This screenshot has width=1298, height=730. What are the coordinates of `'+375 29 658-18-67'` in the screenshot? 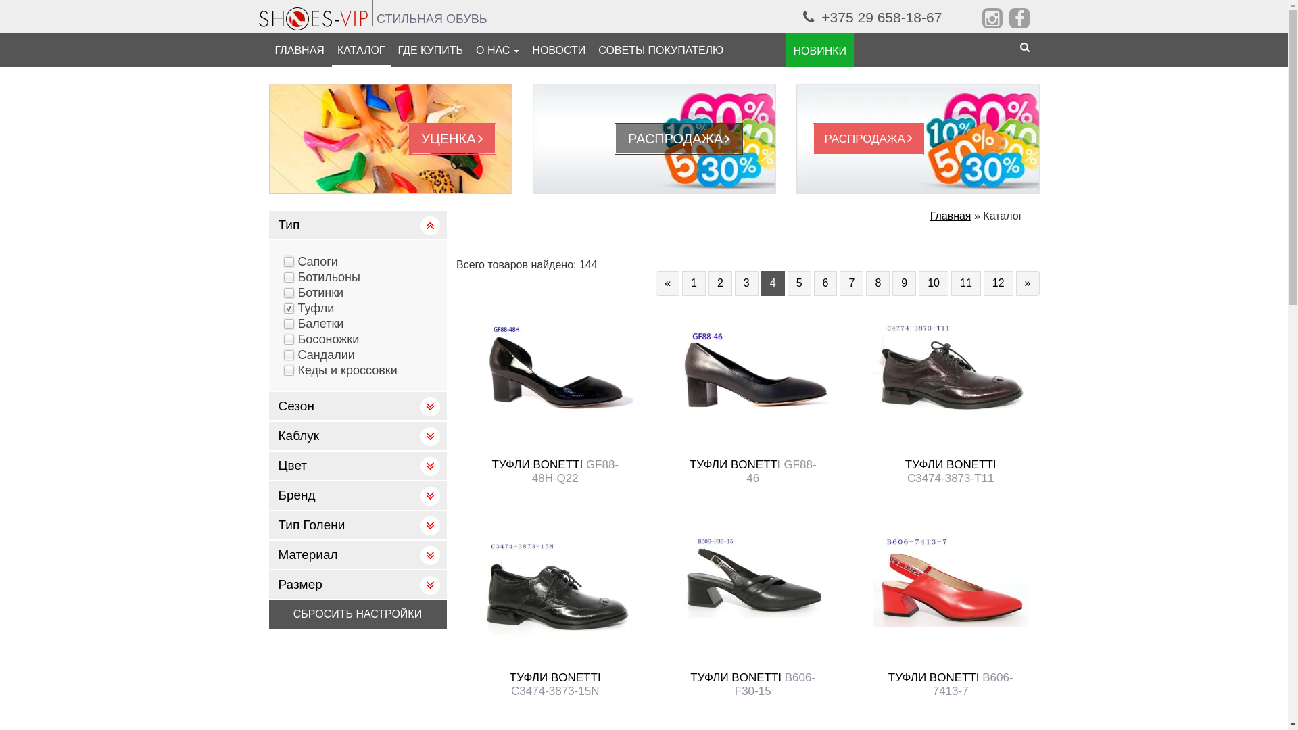 It's located at (873, 17).